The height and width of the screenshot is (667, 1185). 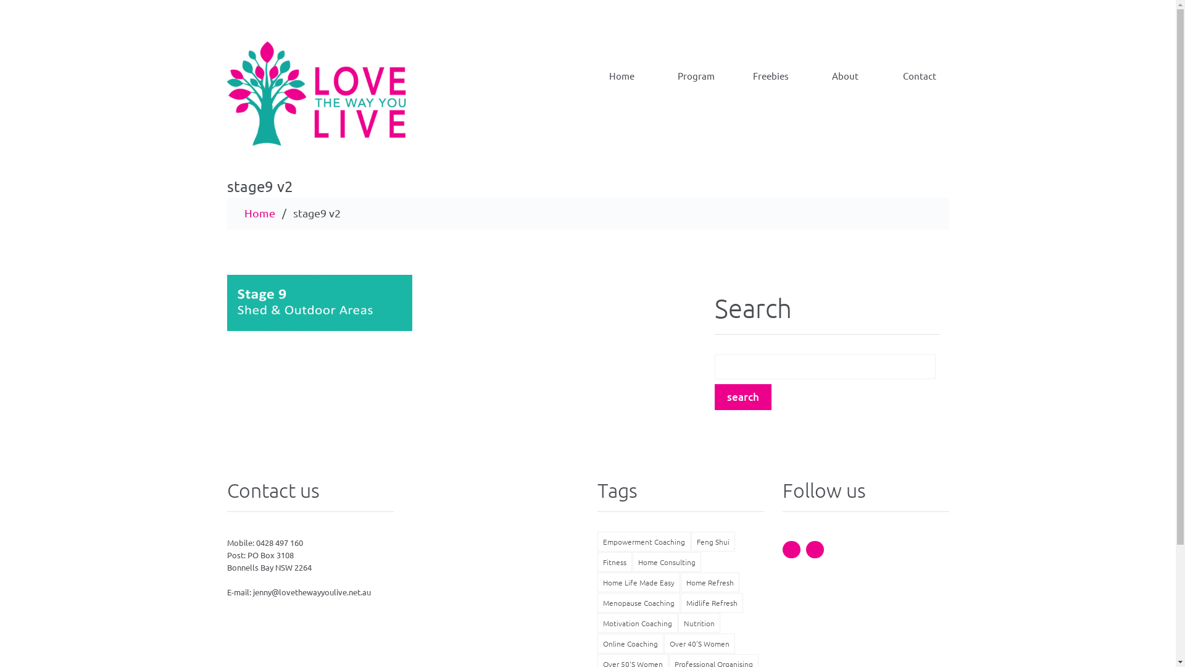 What do you see at coordinates (252, 591) in the screenshot?
I see `'jenny@lovethewayyoulive.net.au'` at bounding box center [252, 591].